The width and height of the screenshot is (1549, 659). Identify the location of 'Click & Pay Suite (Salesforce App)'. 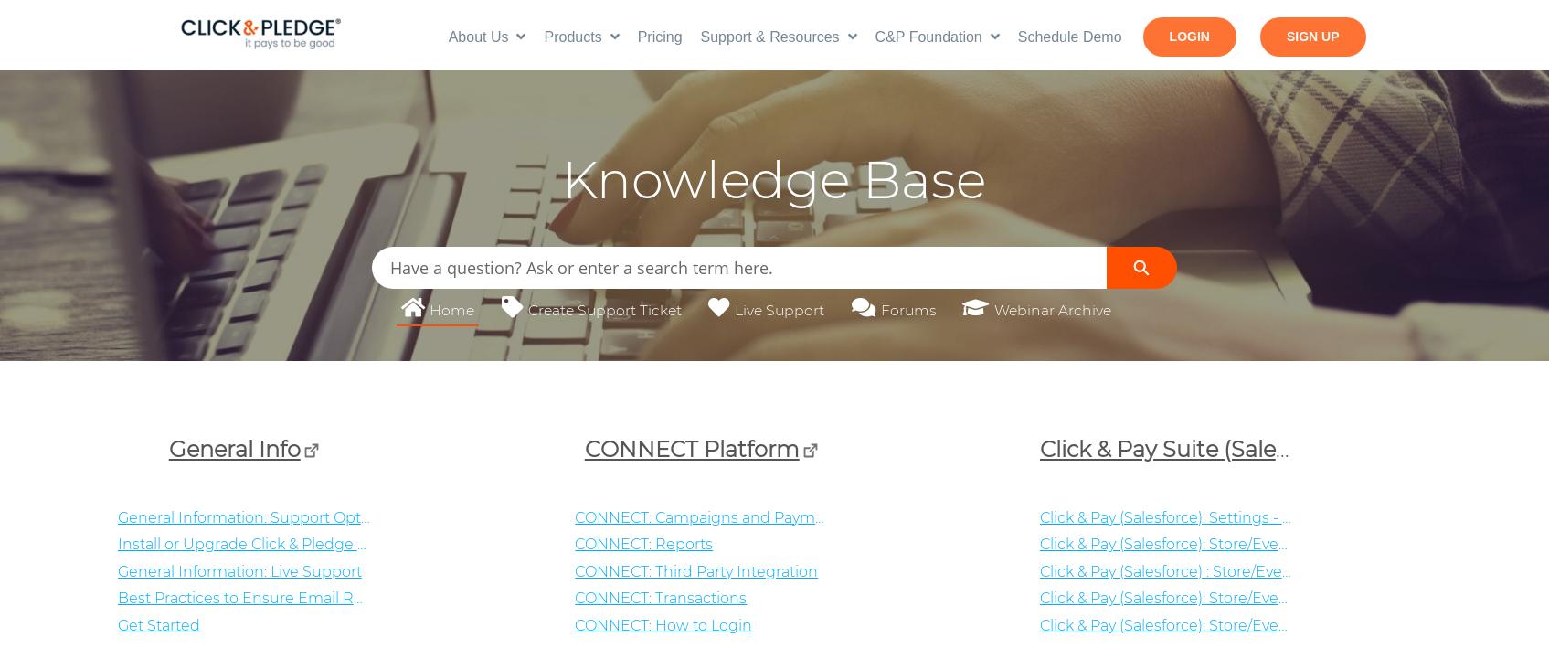
(1038, 447).